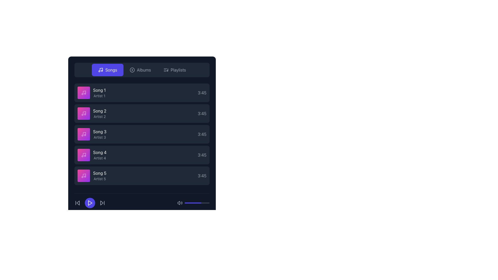 Image resolution: width=498 pixels, height=280 pixels. I want to click on the music note icon on a pink background, which is the graphic element representing 'Song 5' in the song list, so click(84, 176).